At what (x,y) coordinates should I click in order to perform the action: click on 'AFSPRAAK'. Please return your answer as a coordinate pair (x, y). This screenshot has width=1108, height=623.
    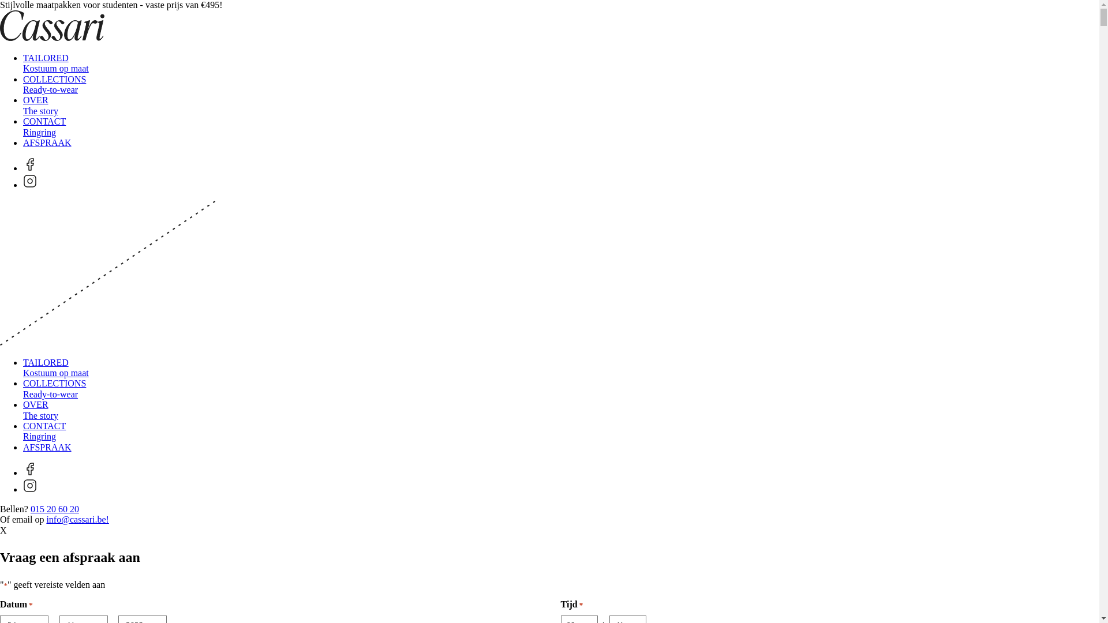
    Looking at the image, I should click on (46, 142).